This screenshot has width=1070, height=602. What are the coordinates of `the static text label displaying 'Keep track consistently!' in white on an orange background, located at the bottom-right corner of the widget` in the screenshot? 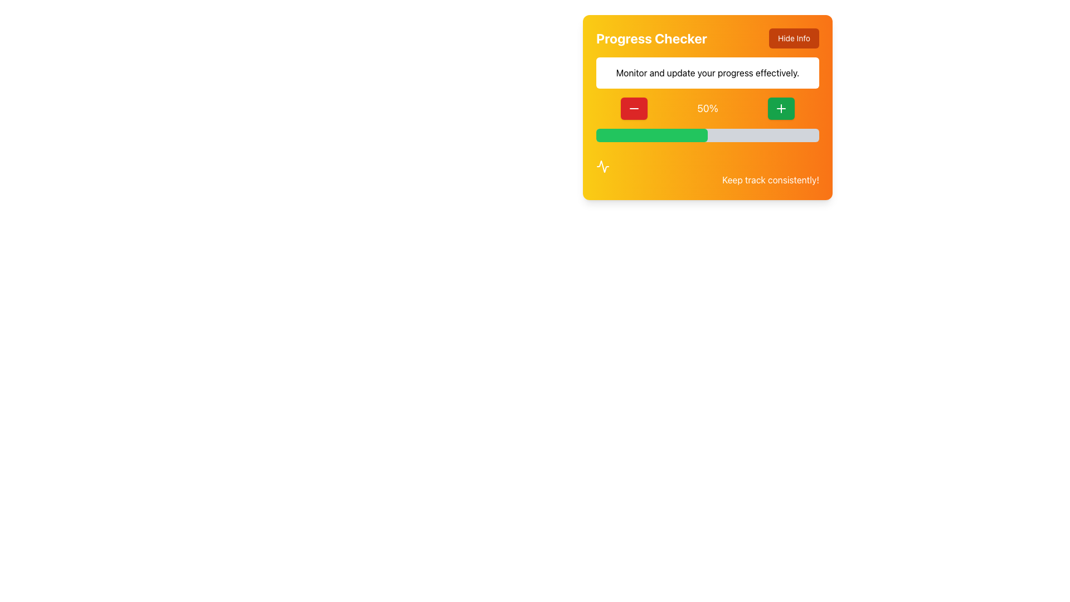 It's located at (770, 179).